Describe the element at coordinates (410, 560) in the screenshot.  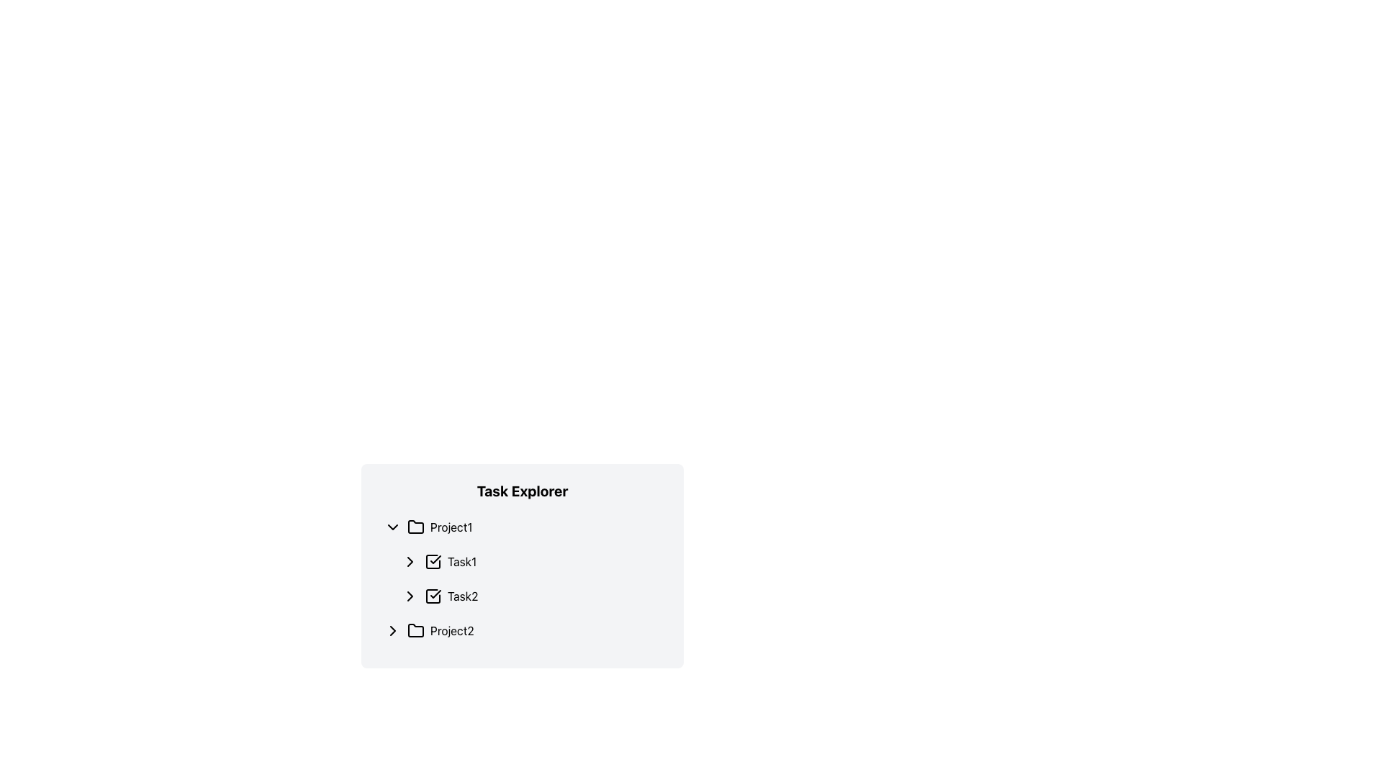
I see `the right-pointing chevron icon located to the left of the 'Task1' label in the Task Explorer interface` at that location.